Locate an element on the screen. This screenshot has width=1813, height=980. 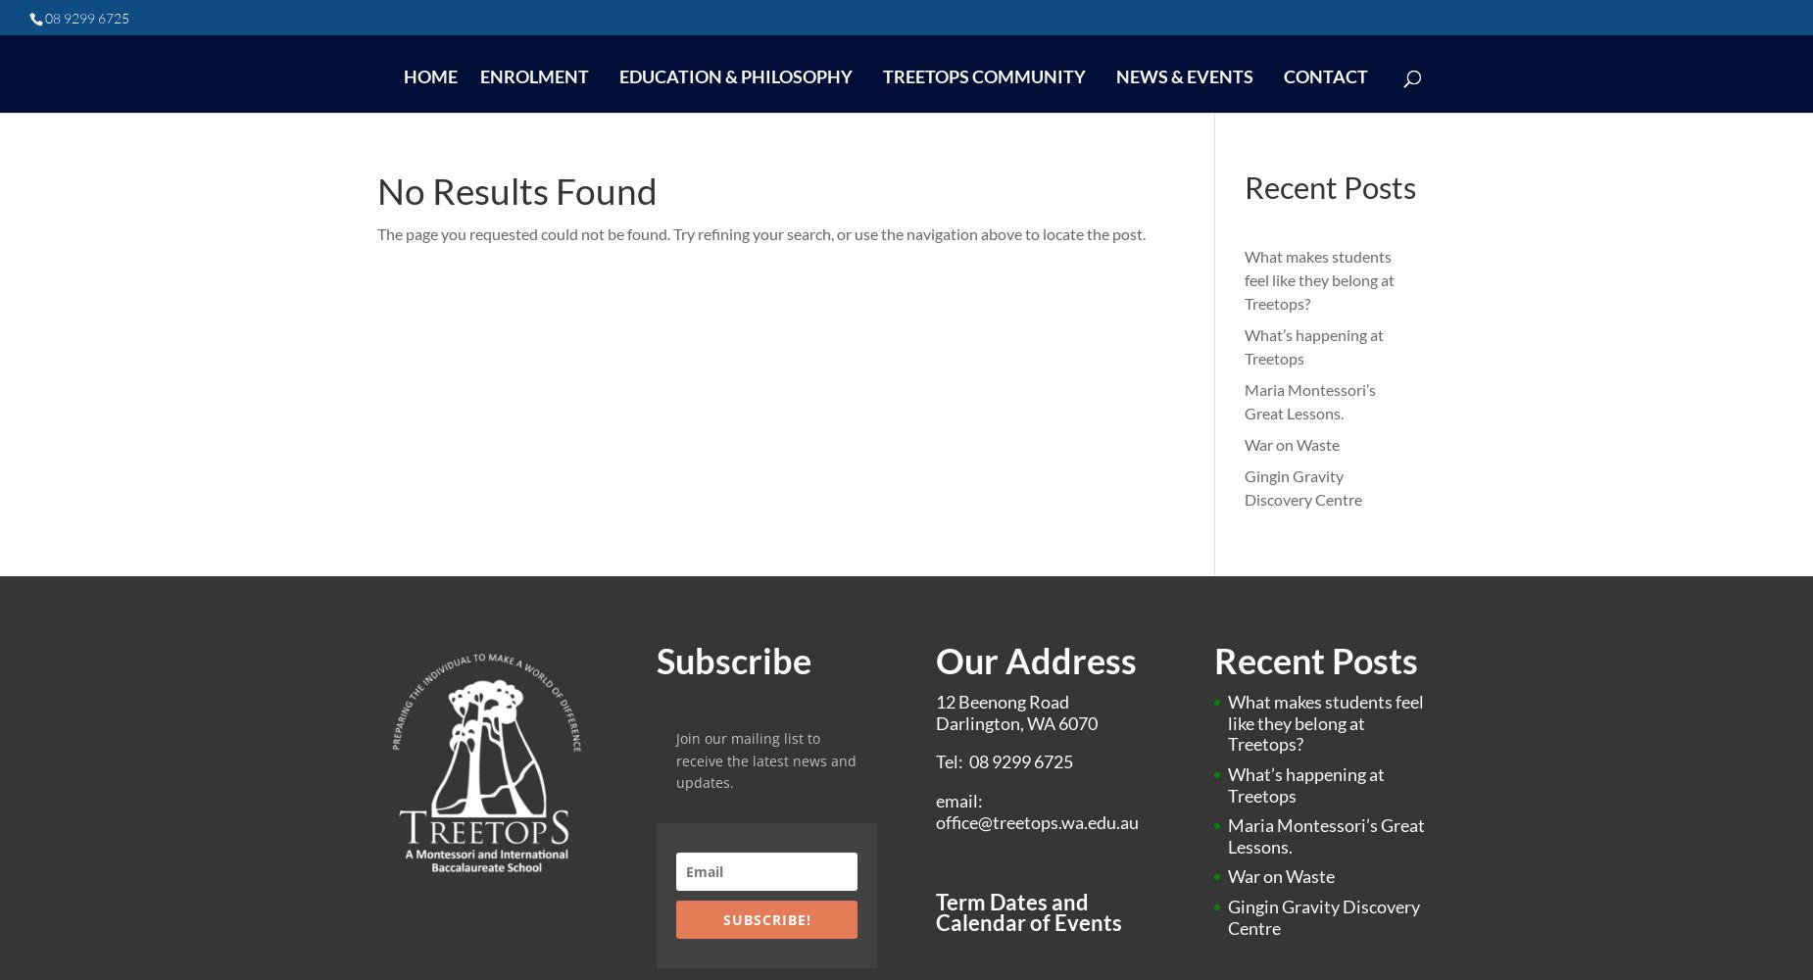
'NEWS & EVENTS' is located at coordinates (1183, 75).